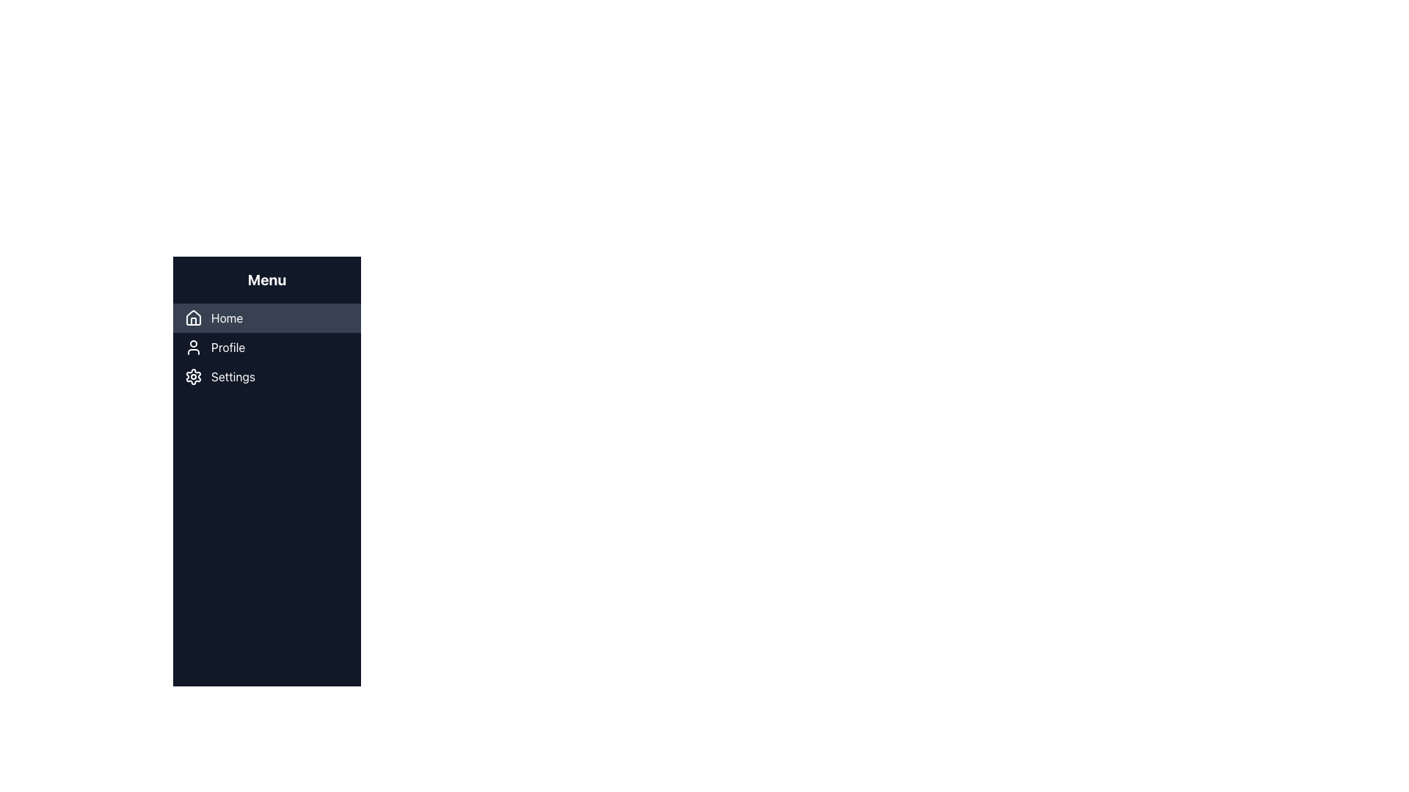  I want to click on the small house-shaped icon in the left sidebar menu, which is styled as an outlined drawing and positioned to the left of the text label 'Home', so click(193, 318).